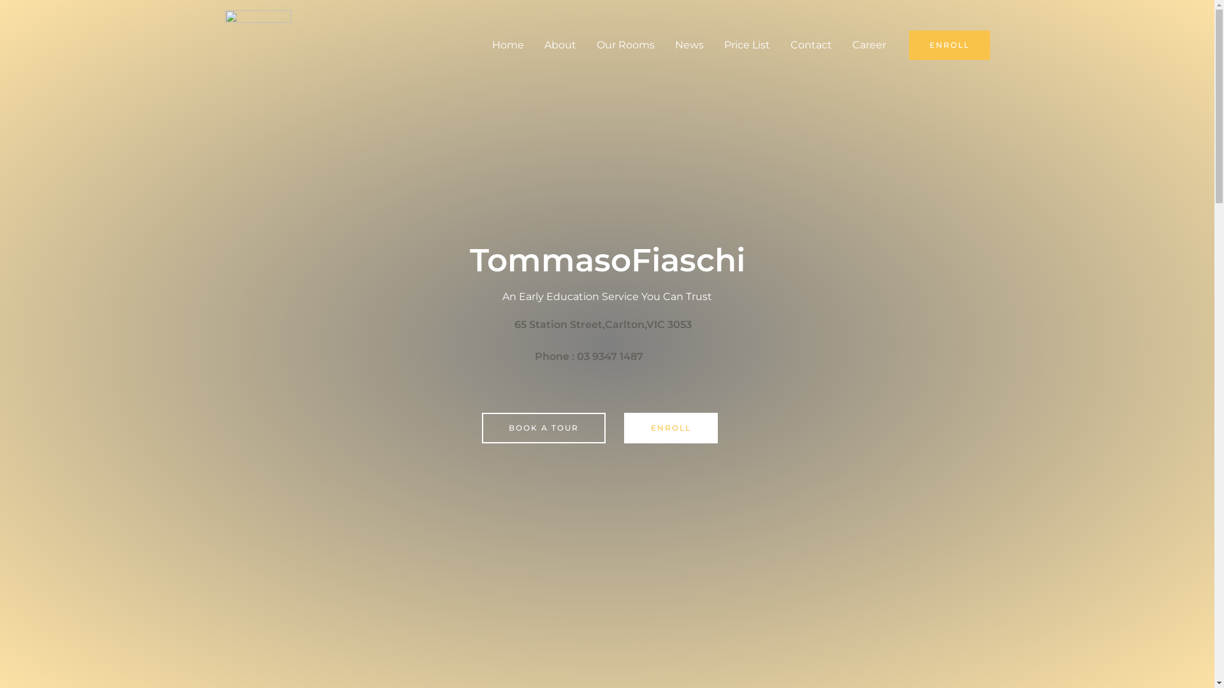  Describe the element at coordinates (481, 44) in the screenshot. I see `'Home'` at that location.